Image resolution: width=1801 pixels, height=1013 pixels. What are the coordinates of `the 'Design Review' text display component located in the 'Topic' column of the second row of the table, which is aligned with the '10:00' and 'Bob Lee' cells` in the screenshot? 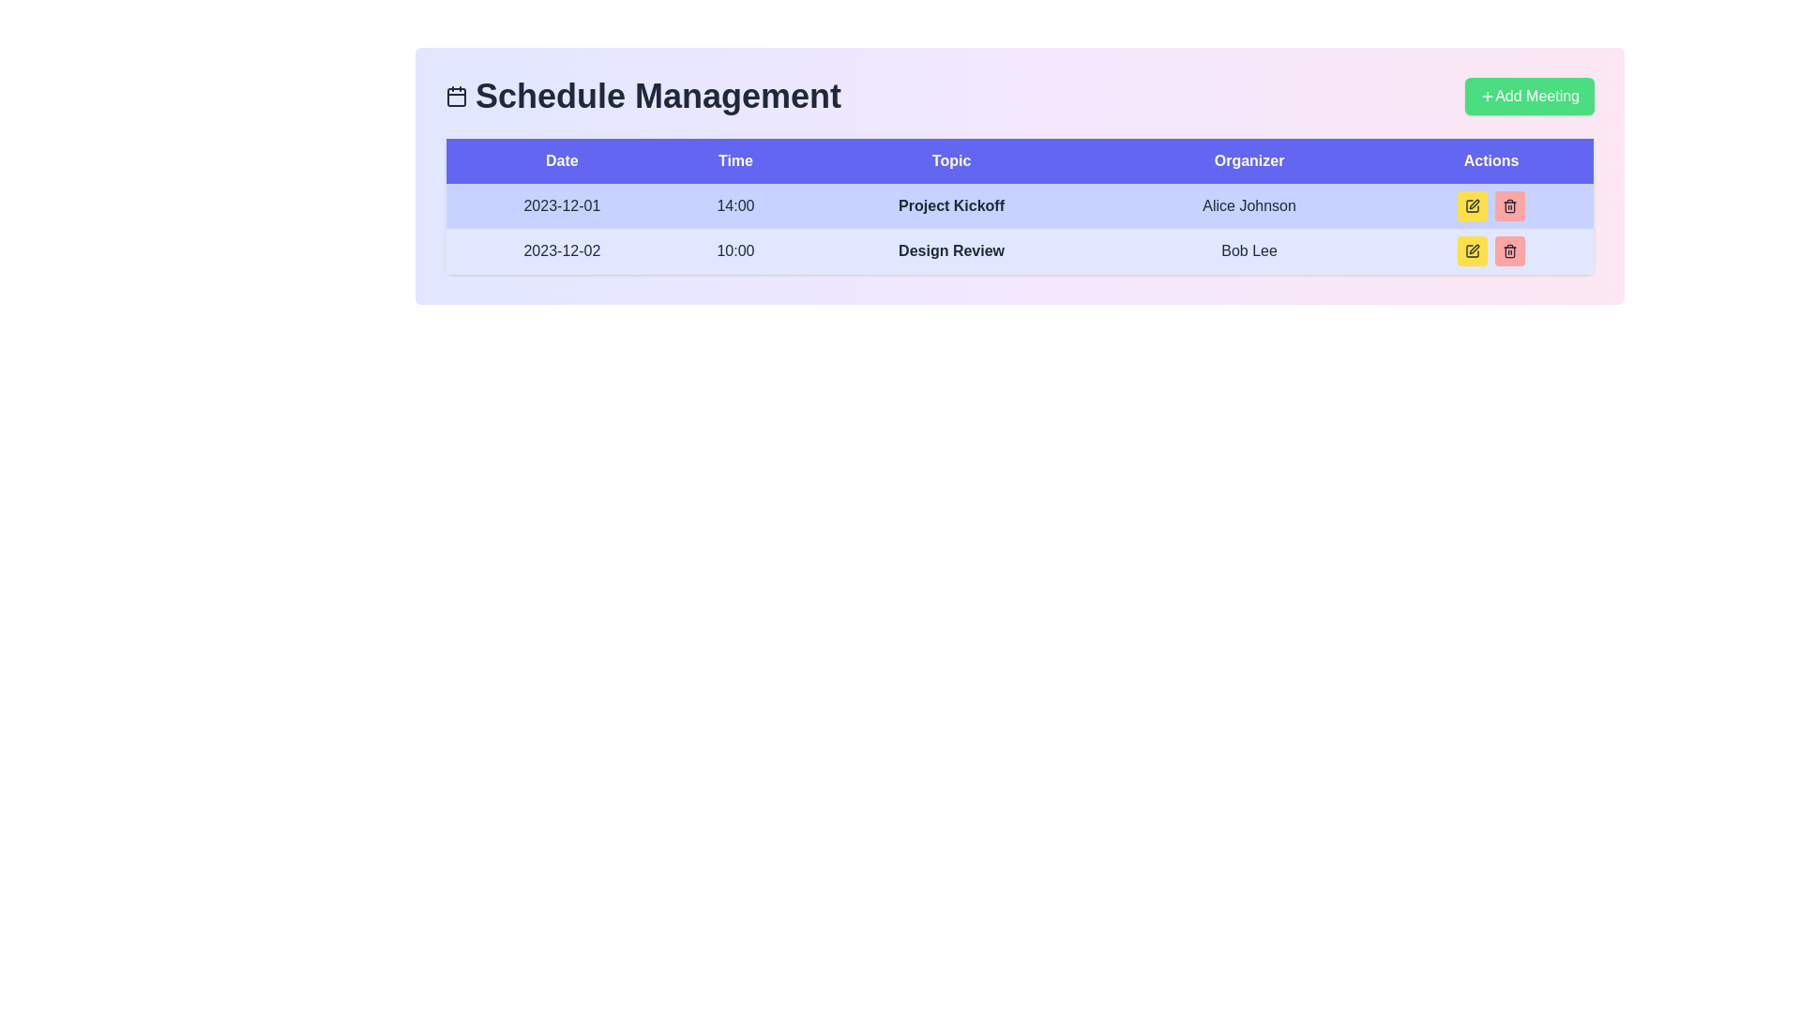 It's located at (951, 250).